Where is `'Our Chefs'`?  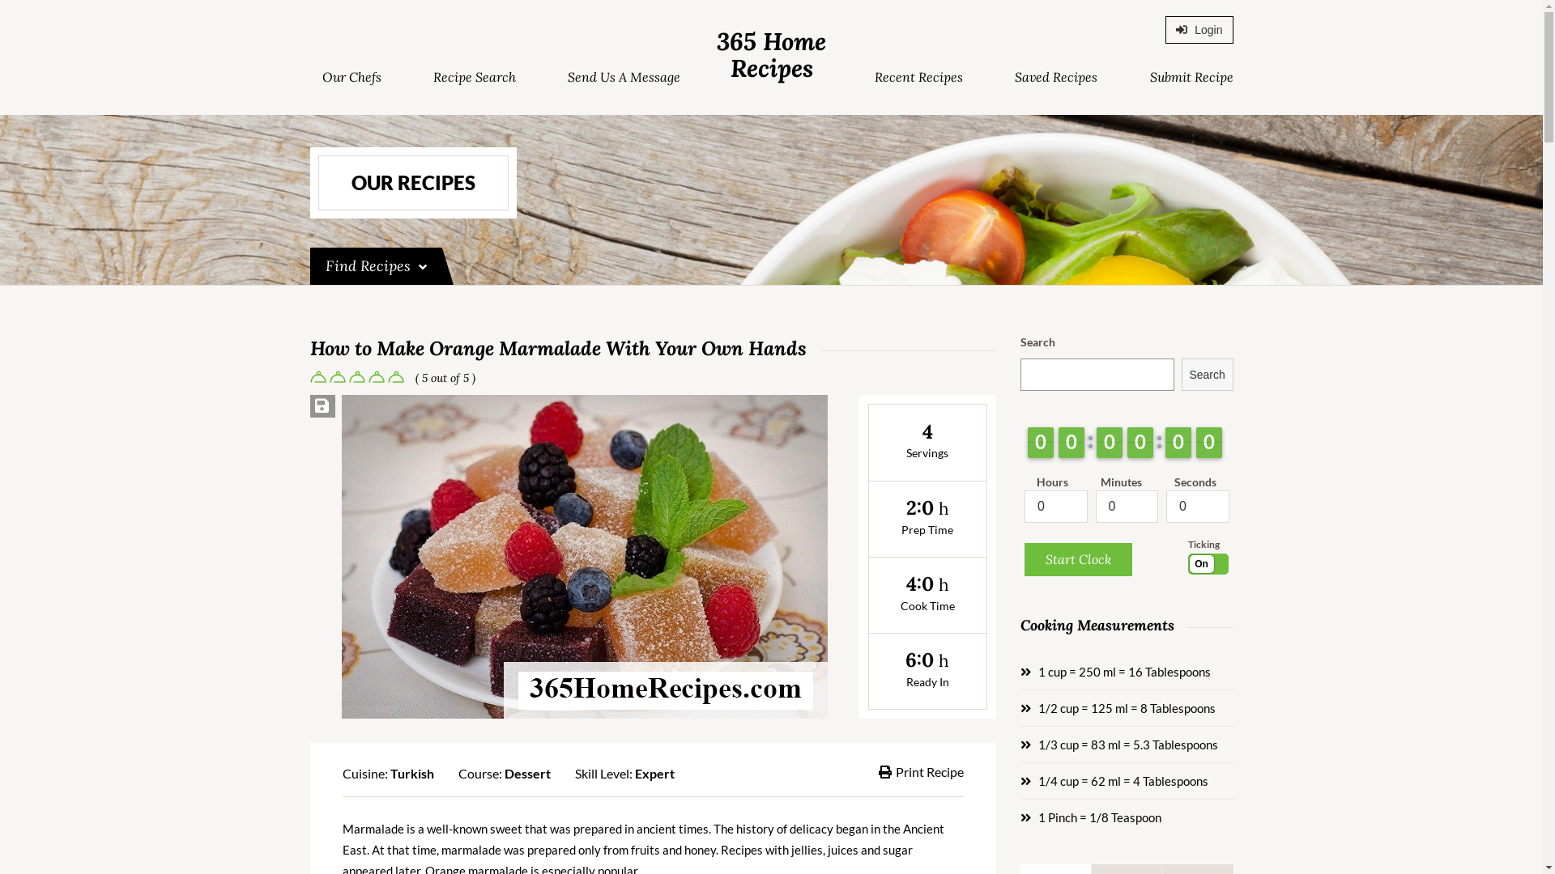
'Our Chefs' is located at coordinates (351, 78).